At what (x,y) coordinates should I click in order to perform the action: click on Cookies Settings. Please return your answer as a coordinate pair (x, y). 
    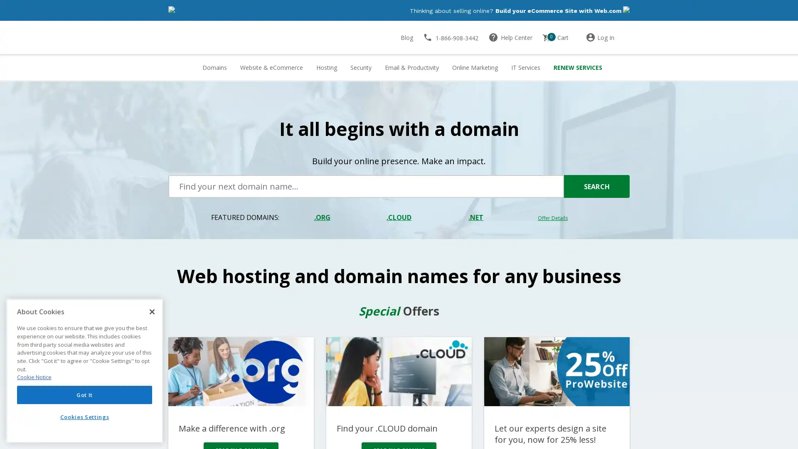
    Looking at the image, I should click on (84, 417).